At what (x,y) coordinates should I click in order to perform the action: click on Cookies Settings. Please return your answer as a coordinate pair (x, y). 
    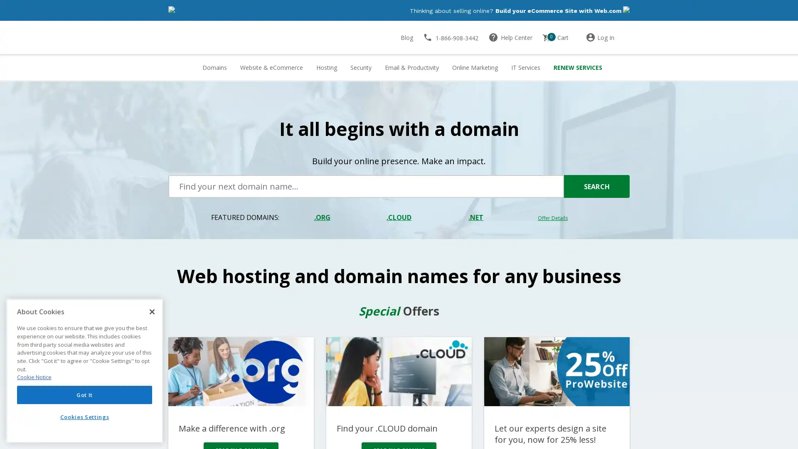
    Looking at the image, I should click on (84, 417).